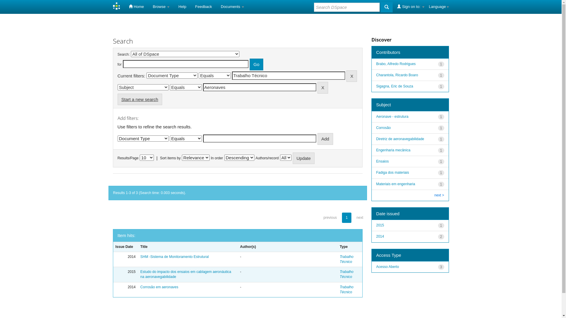 This screenshot has width=566, height=318. What do you see at coordinates (396, 183) in the screenshot?
I see `'Materiais em engenharia'` at bounding box center [396, 183].